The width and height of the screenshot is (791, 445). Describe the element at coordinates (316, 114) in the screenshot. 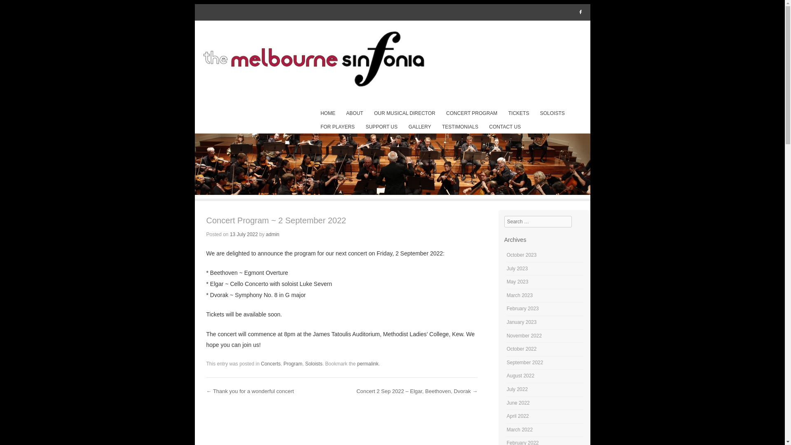

I see `'SKIP TO CONTENT'` at that location.